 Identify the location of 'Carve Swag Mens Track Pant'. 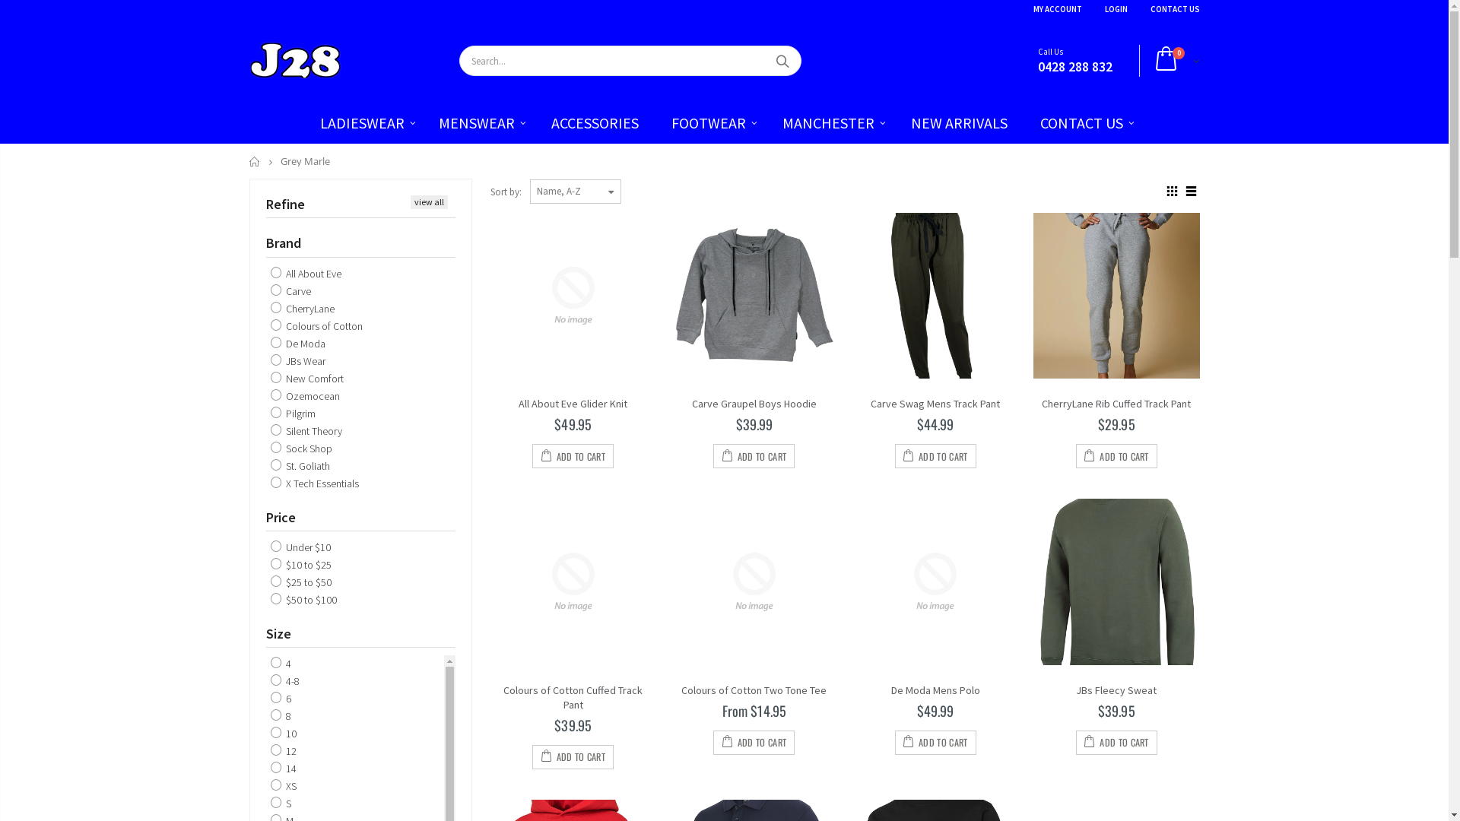
(934, 403).